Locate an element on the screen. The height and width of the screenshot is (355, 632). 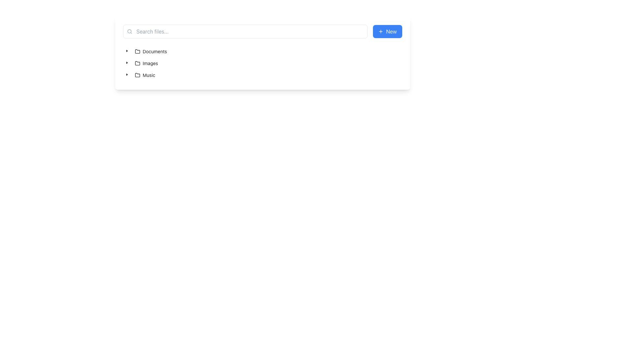
the blue circular icon with a white plus sign located within the rectangular blue button labeled 'New' at the top-right corner of the interface is located at coordinates (381, 32).